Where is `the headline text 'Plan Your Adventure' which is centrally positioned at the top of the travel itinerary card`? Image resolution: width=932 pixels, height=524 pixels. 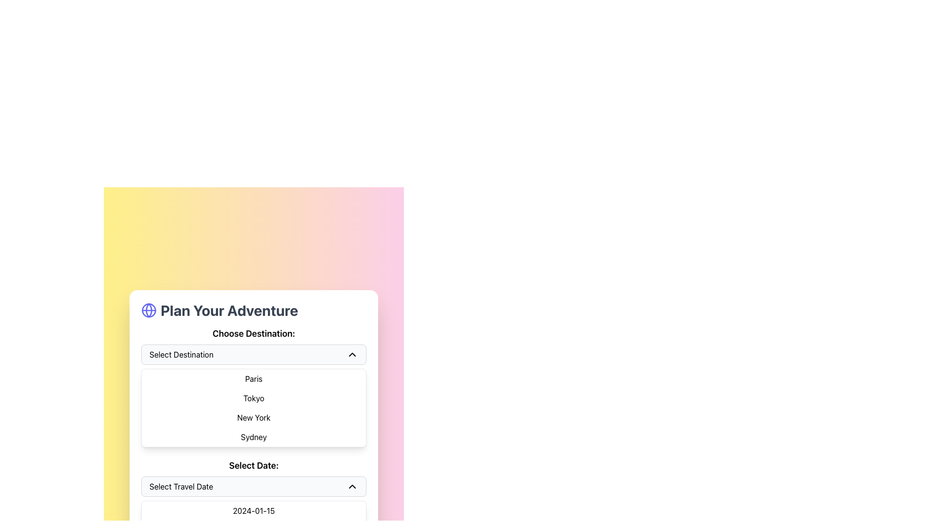 the headline text 'Plan Your Adventure' which is centrally positioned at the top of the travel itinerary card is located at coordinates (254, 311).